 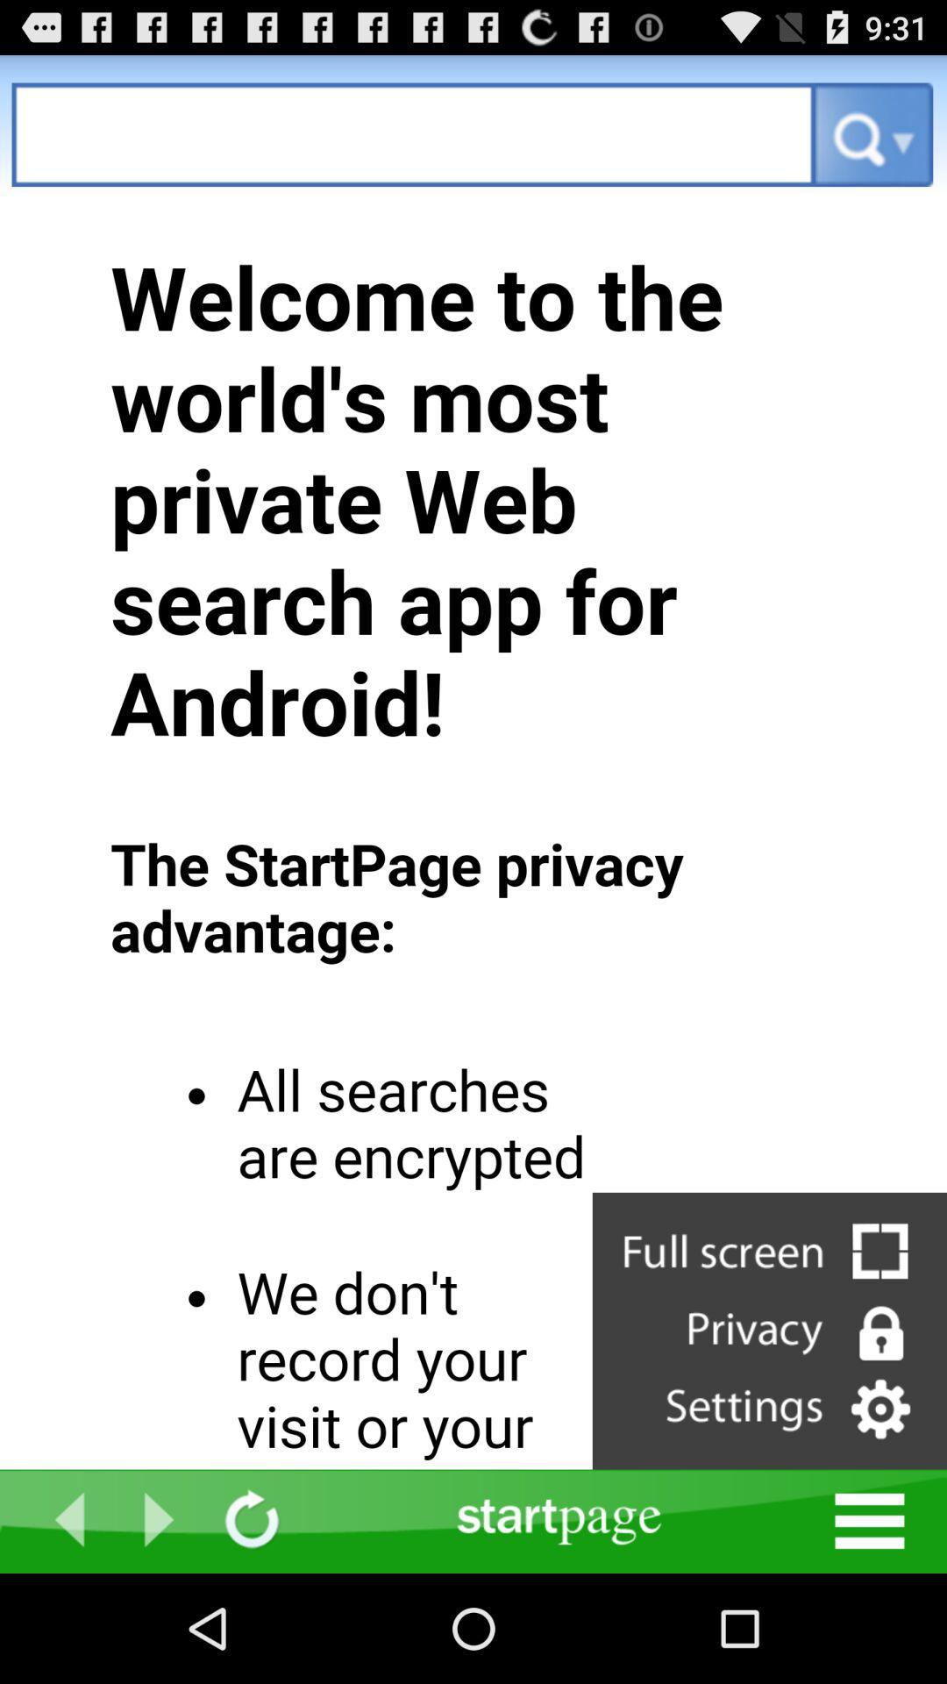 I want to click on search the option, so click(x=413, y=133).